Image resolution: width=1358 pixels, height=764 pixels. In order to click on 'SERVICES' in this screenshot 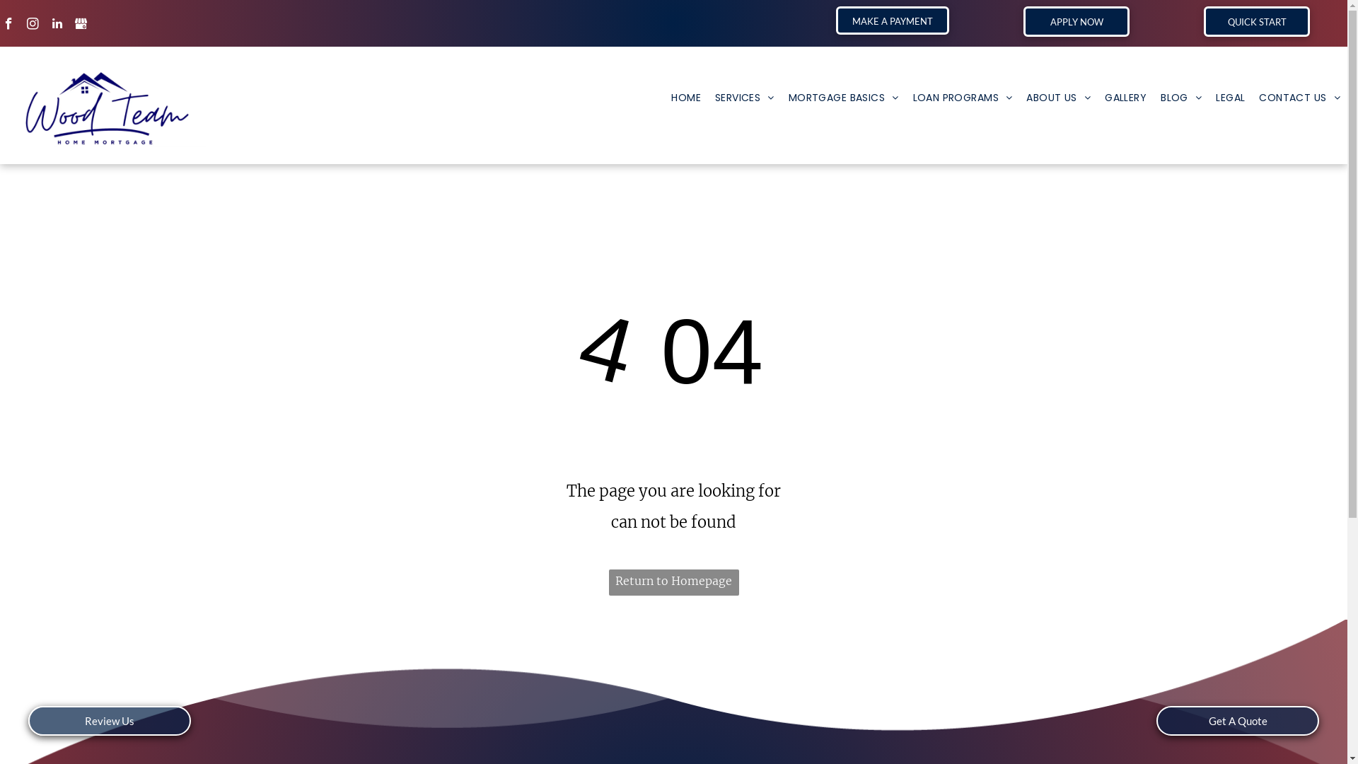, I will do `click(743, 97)`.